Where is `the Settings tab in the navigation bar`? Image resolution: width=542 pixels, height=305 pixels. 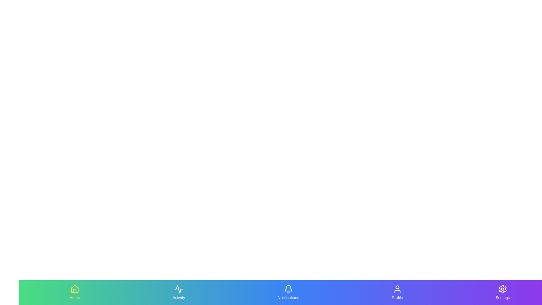 the Settings tab in the navigation bar is located at coordinates (502, 292).